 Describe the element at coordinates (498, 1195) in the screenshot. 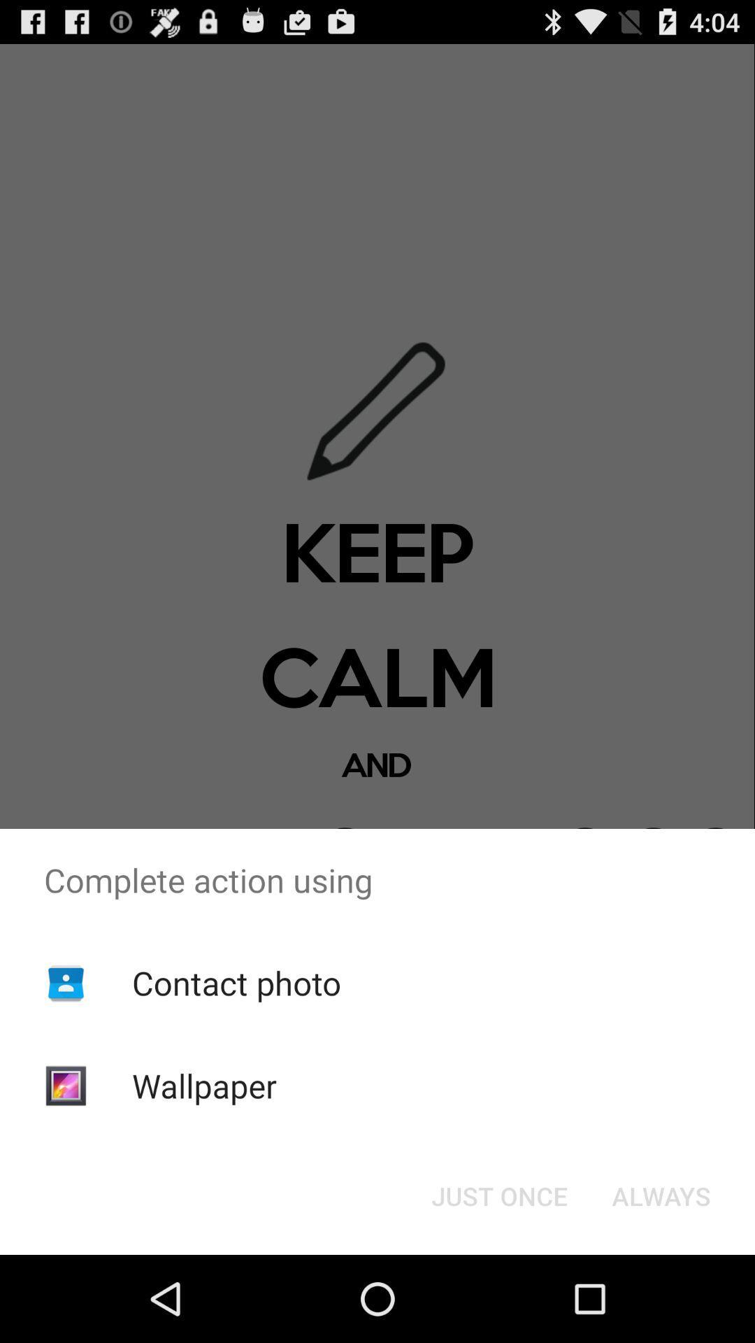

I see `button to the left of the always icon` at that location.